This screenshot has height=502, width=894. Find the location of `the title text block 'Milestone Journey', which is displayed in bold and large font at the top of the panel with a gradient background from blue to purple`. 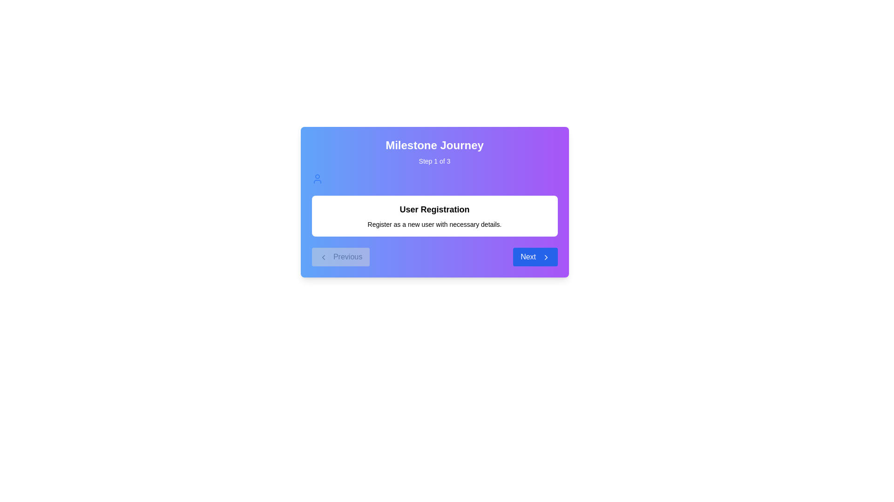

the title text block 'Milestone Journey', which is displayed in bold and large font at the top of the panel with a gradient background from blue to purple is located at coordinates (434, 145).